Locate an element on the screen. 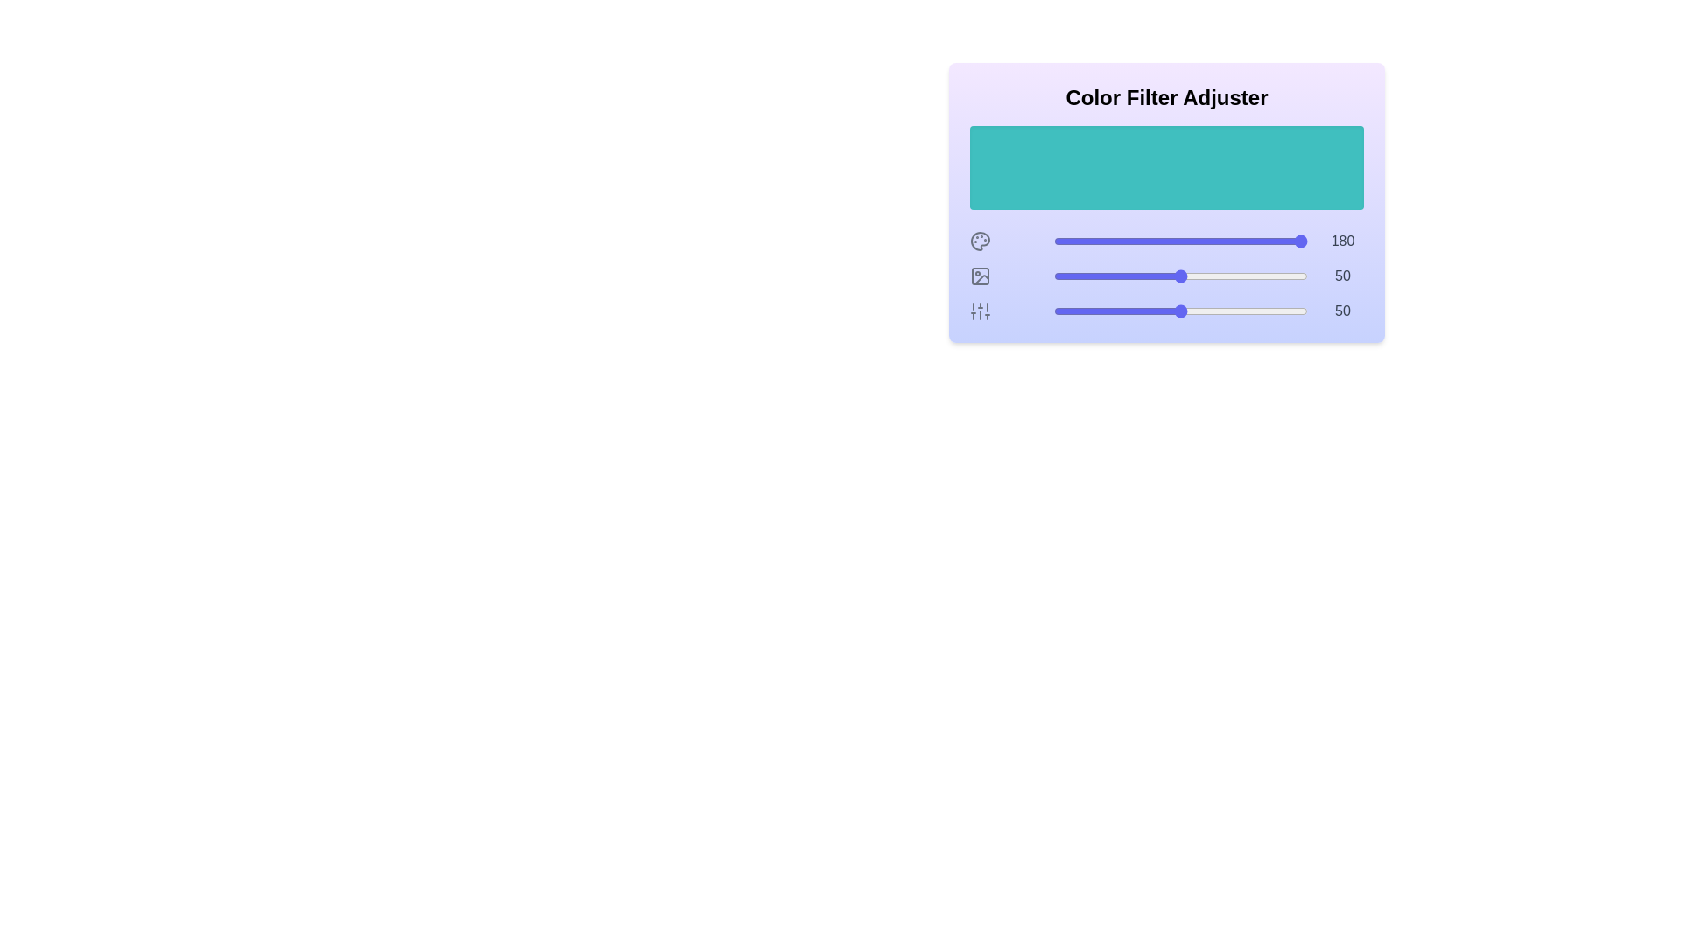 The width and height of the screenshot is (1681, 945). the Hue slider to a value of 59 is located at coordinates (1203, 241).